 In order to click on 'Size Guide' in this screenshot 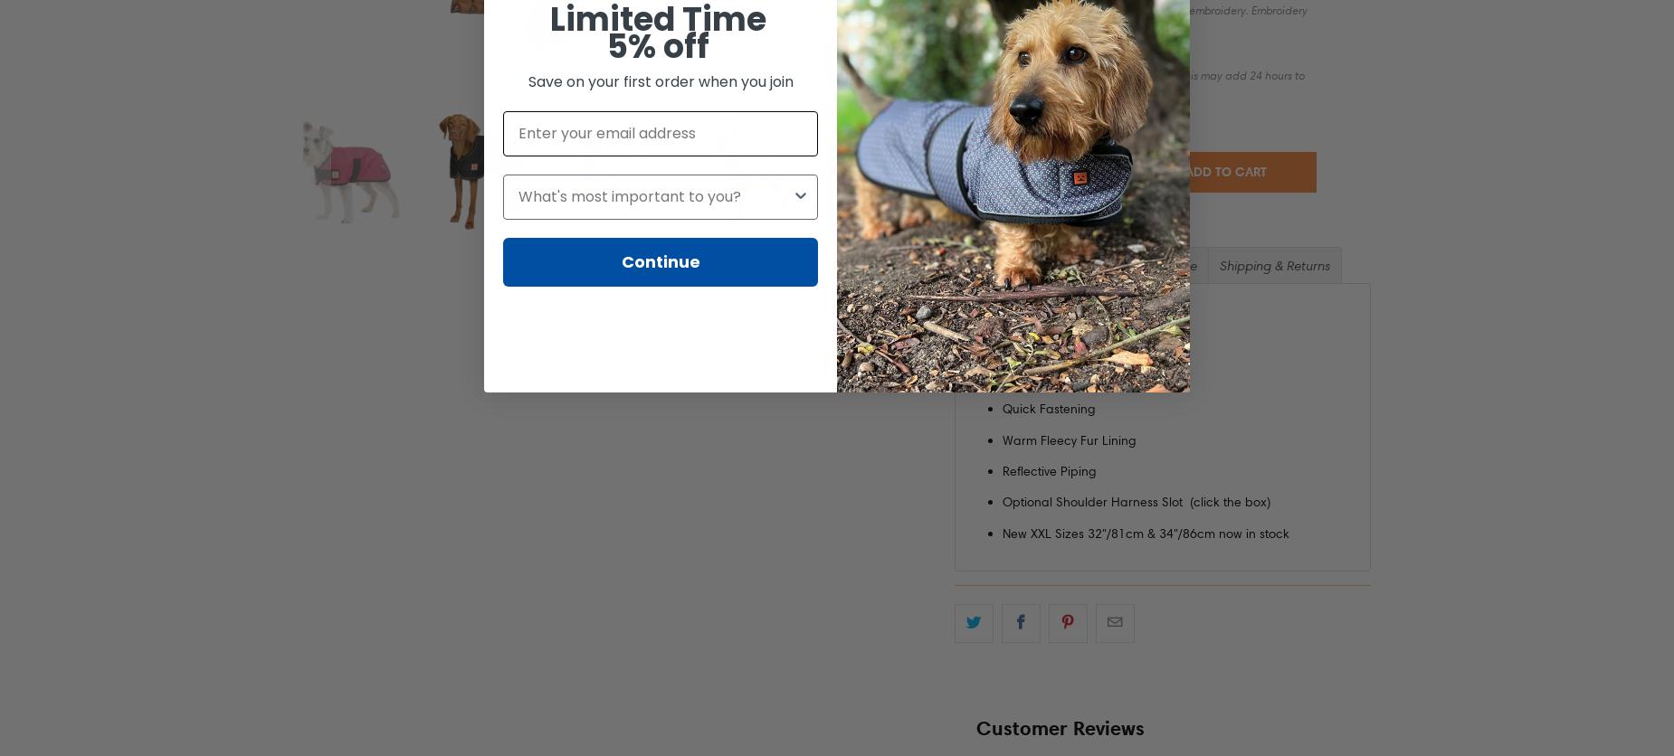, I will do `click(1133, 265)`.